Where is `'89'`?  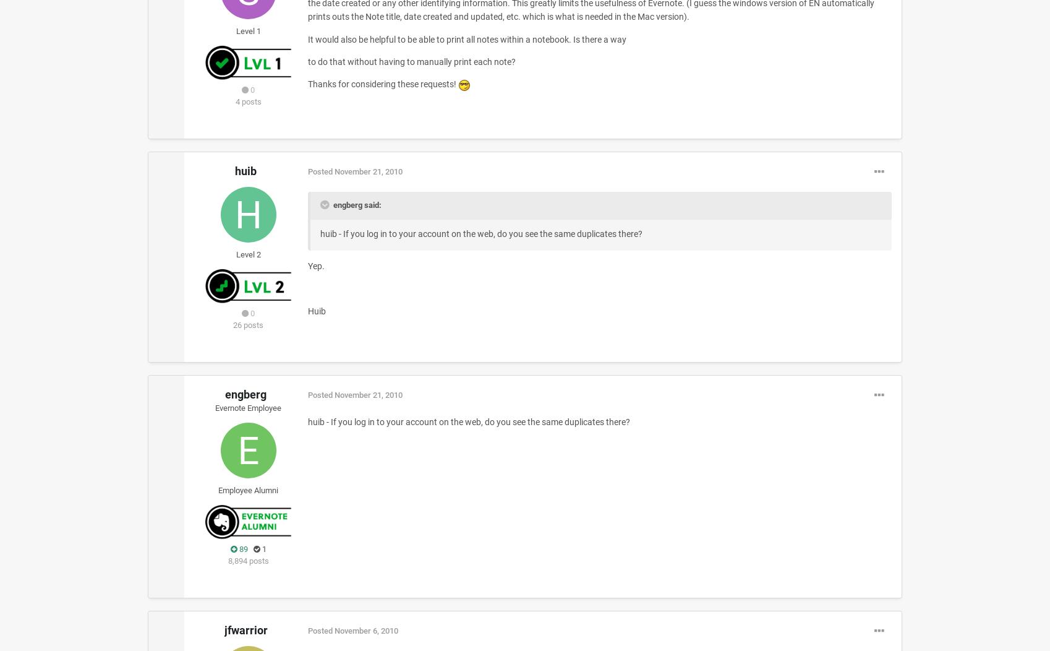 '89' is located at coordinates (242, 548).